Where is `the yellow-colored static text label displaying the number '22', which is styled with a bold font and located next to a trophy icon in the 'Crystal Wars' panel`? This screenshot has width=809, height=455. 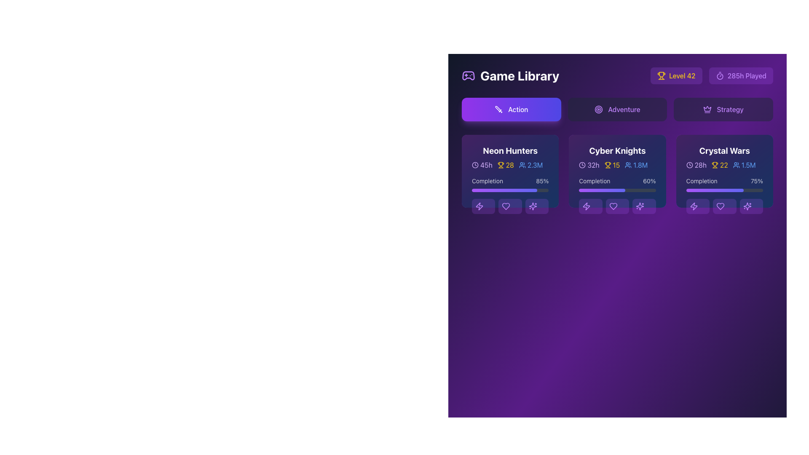 the yellow-colored static text label displaying the number '22', which is styled with a bold font and located next to a trophy icon in the 'Crystal Wars' panel is located at coordinates (723, 165).